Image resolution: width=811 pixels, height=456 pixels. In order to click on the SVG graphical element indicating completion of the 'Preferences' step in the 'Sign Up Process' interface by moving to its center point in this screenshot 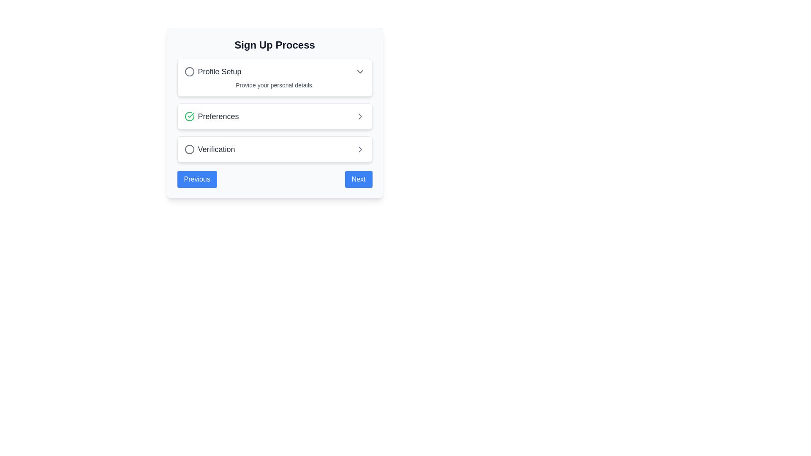, I will do `click(190, 115)`.